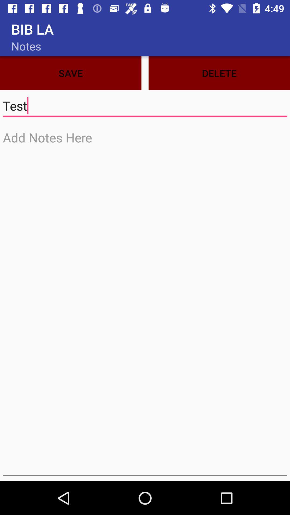 This screenshot has height=515, width=290. What do you see at coordinates (219, 73) in the screenshot?
I see `the delete at the top right corner` at bounding box center [219, 73].